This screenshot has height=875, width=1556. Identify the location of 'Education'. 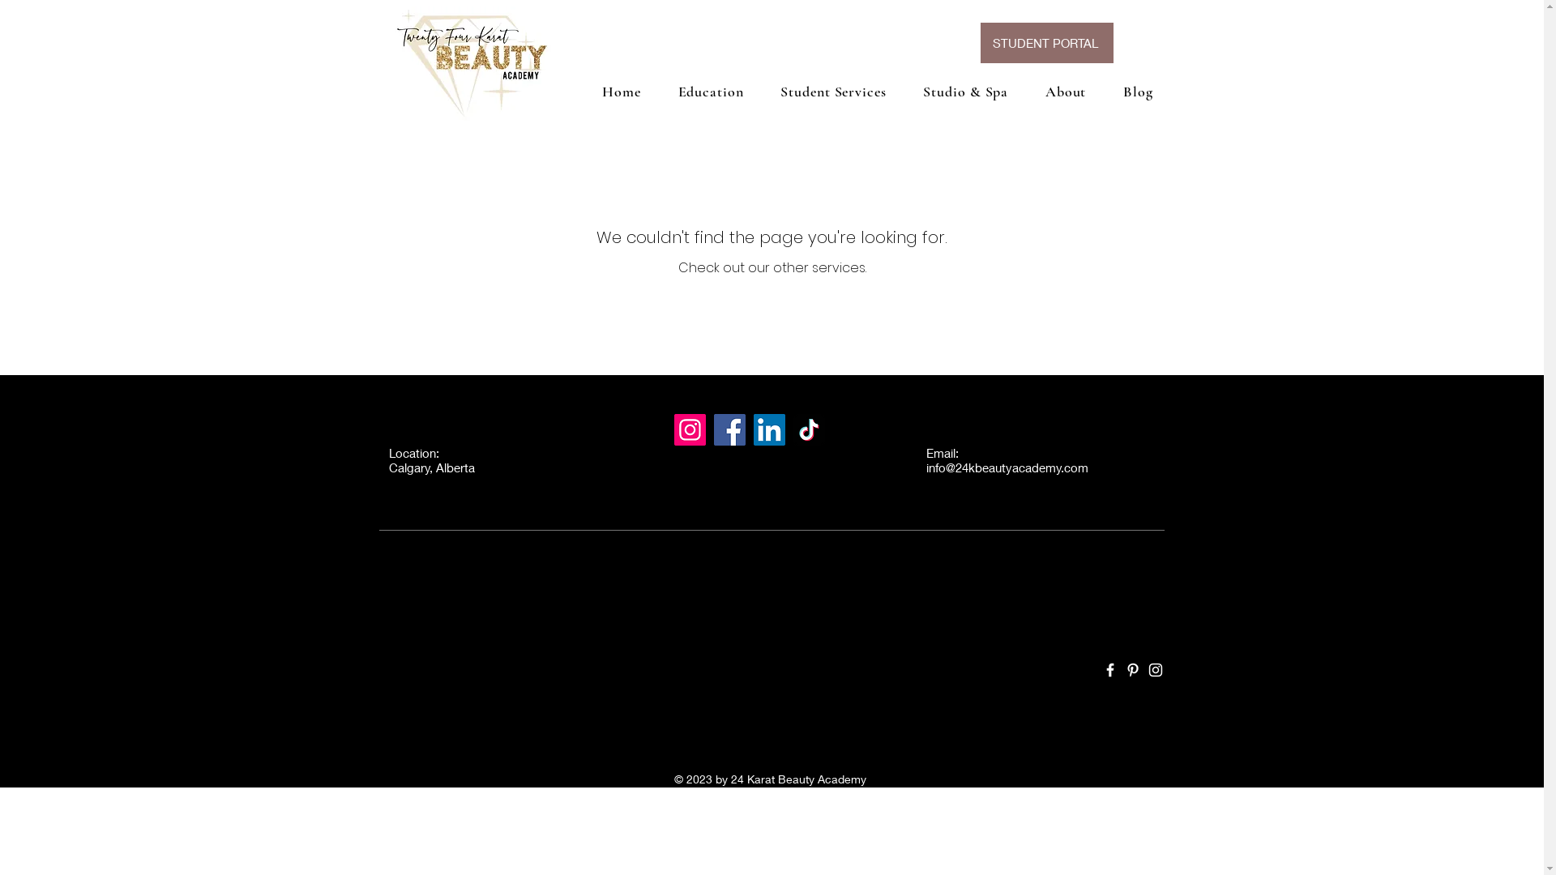
(711, 91).